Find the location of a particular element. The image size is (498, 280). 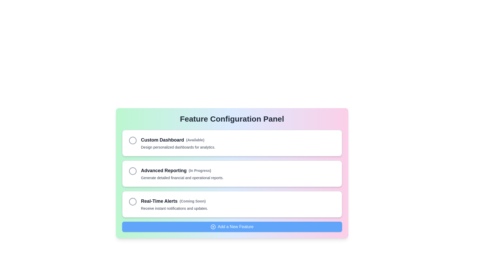

the static text label indicating that the associated feature is not yet available, located to the right of 'Real-Time Alerts' in the third feature option segment of the feature configuration panel is located at coordinates (192, 201).